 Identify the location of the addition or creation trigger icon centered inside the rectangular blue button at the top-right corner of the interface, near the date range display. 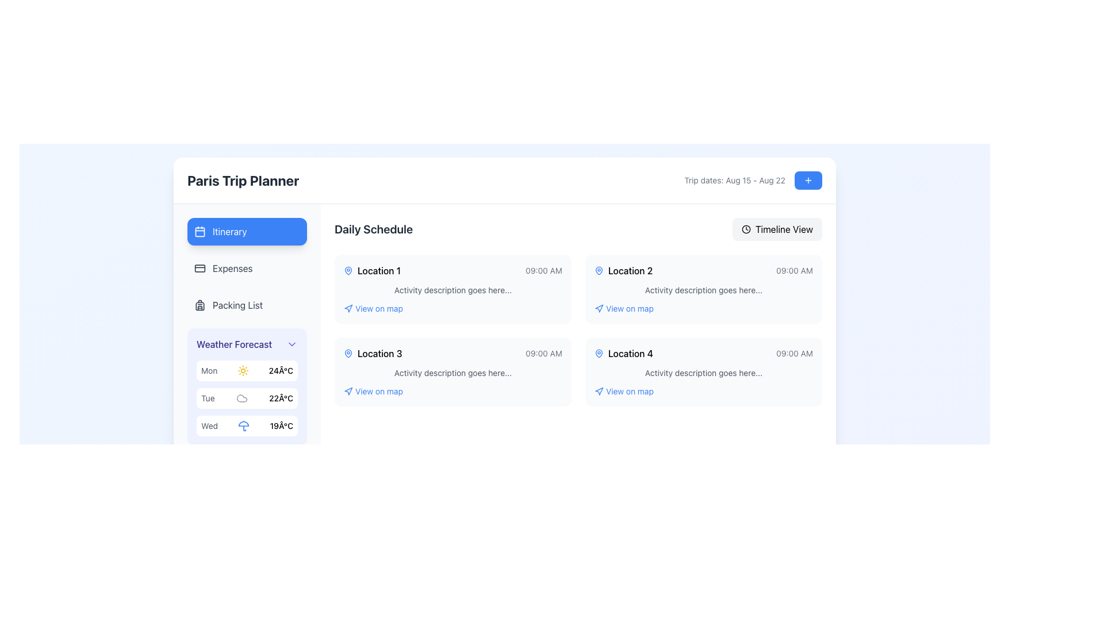
(808, 180).